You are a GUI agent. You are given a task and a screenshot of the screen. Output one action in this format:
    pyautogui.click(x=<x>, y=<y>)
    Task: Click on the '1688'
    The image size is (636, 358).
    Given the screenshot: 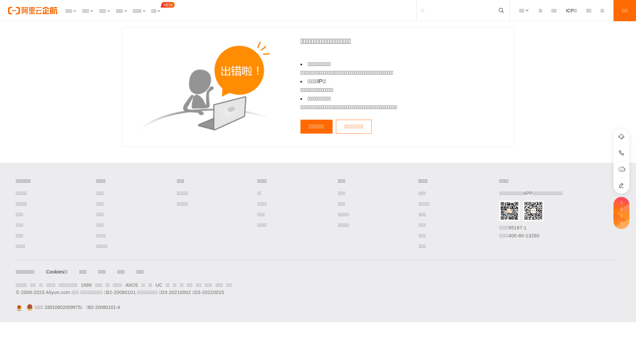 What is the action you would take?
    pyautogui.click(x=86, y=285)
    